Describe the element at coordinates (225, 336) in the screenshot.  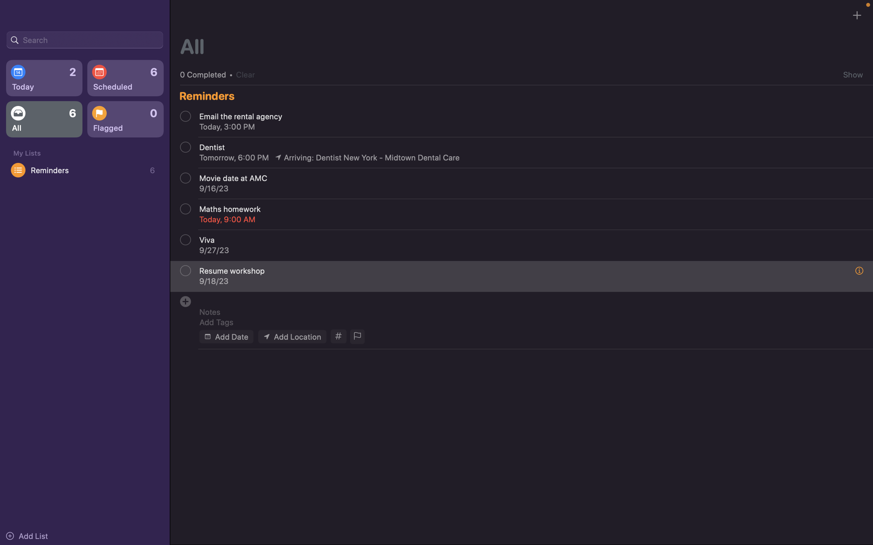
I see `Assign the current day"s date to a new task item` at that location.